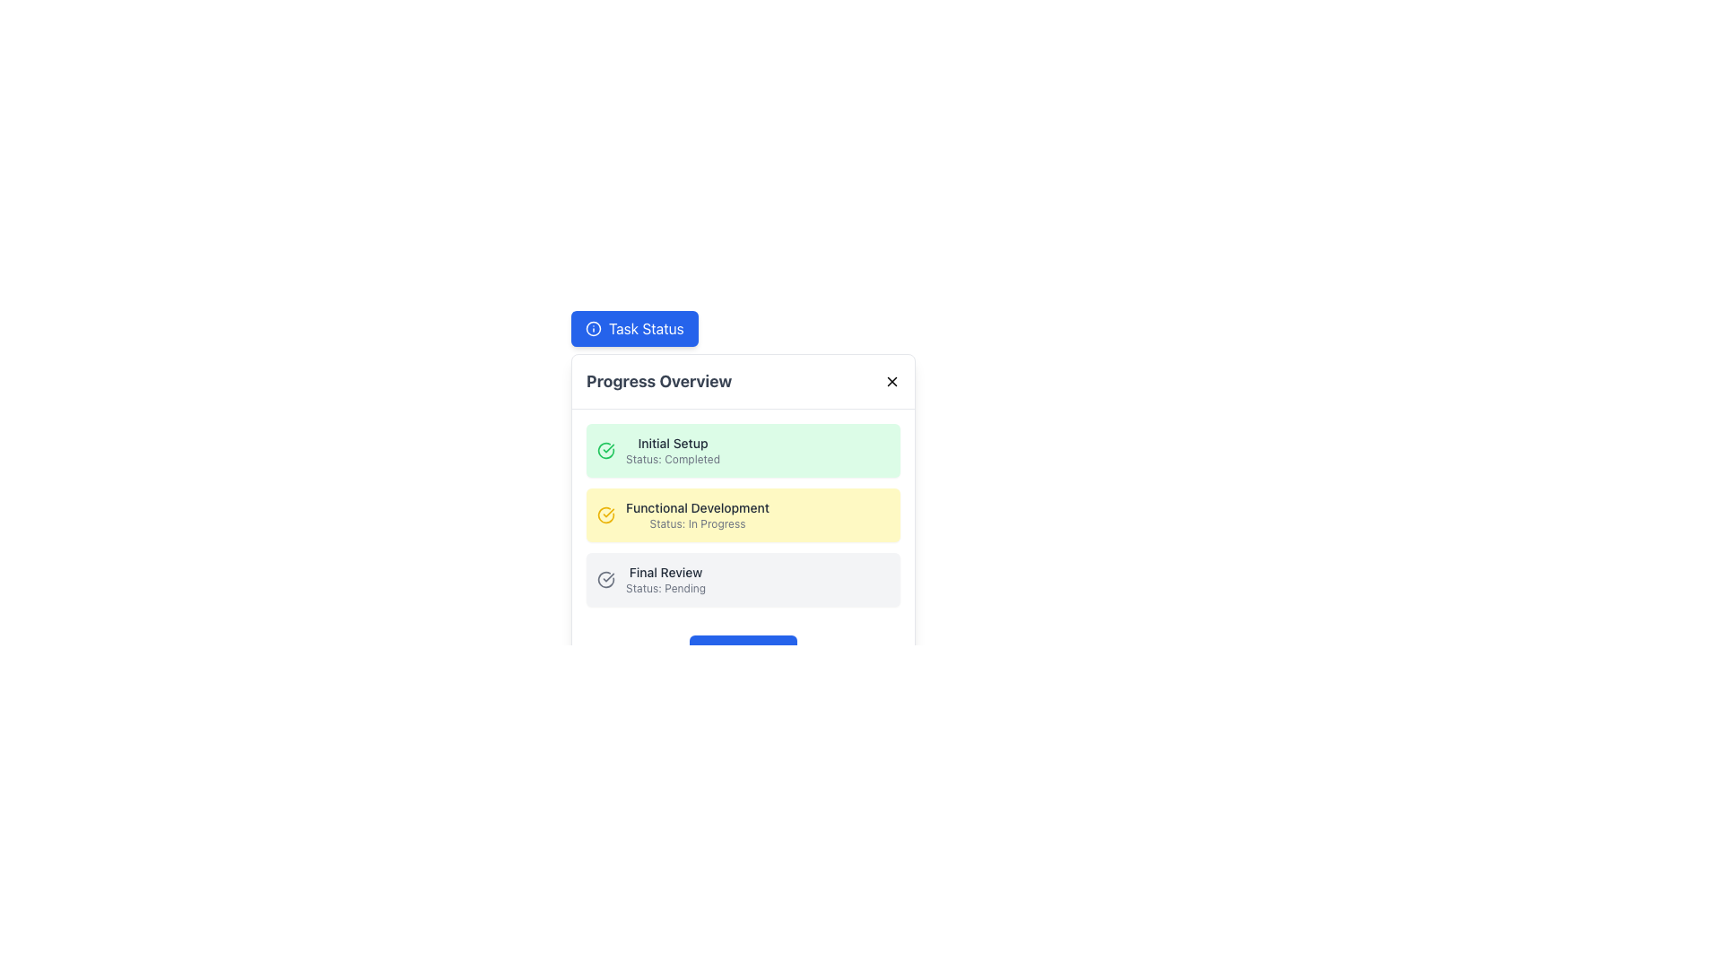  Describe the element at coordinates (696, 524) in the screenshot. I see `the text label displaying 'Status: In Progress', which is styled with a small gray font and located beneath the section heading 'Functional Development'` at that location.